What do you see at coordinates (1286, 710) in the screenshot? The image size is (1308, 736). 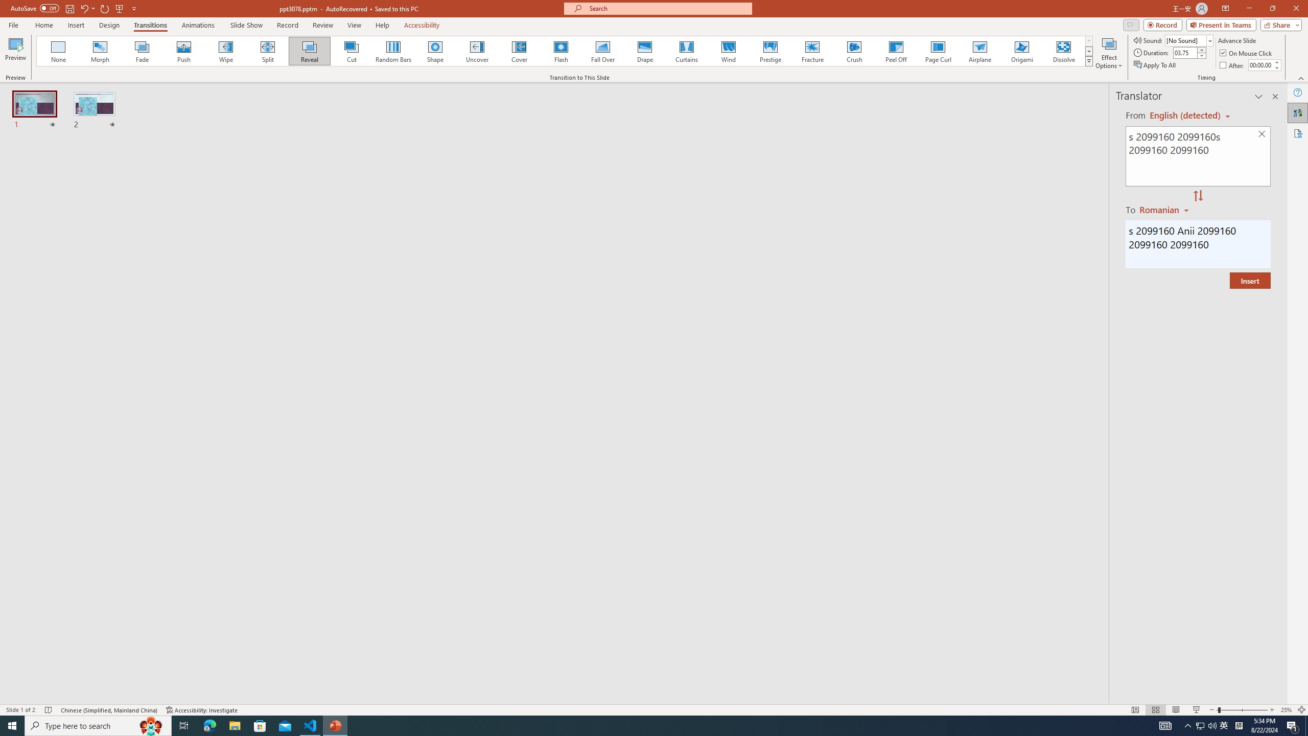 I see `'Zoom 25%'` at bounding box center [1286, 710].